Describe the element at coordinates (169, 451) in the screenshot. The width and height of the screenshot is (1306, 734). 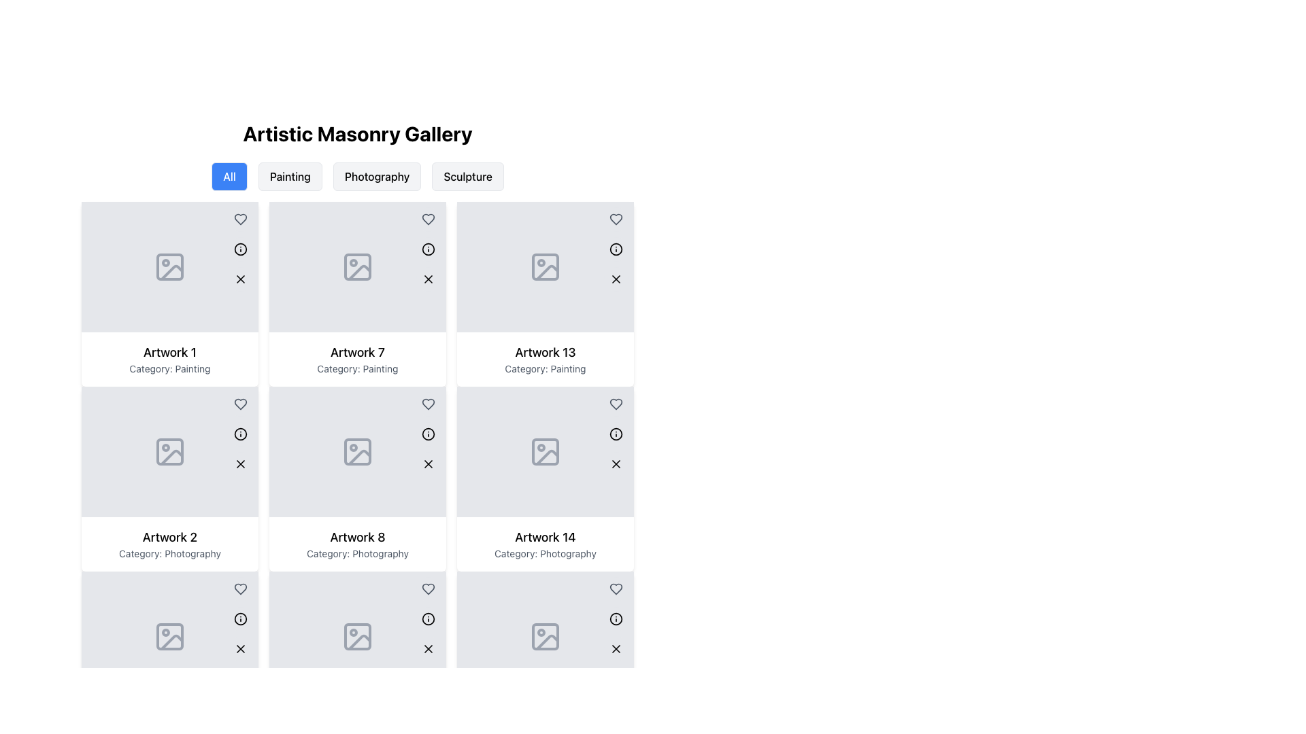
I see `image placeholder for the 'Artwork 2' card, located in the 'Photography' category, positioned in the second row and first column of the grid layout` at that location.